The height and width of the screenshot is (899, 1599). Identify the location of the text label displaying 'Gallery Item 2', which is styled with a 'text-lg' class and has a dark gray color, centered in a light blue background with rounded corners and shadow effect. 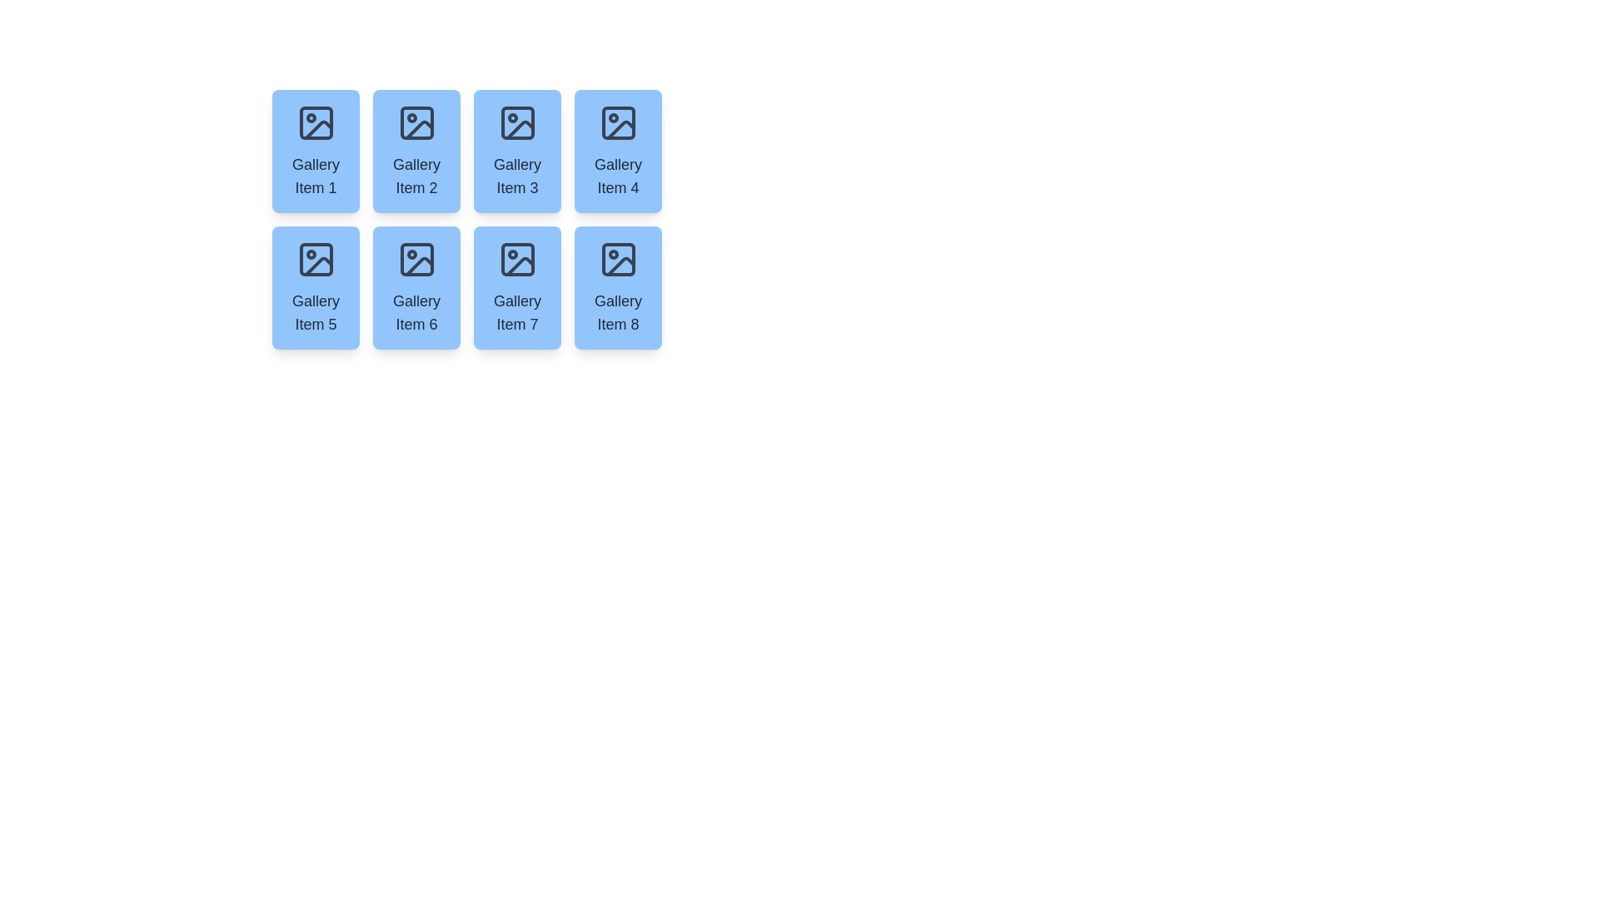
(416, 176).